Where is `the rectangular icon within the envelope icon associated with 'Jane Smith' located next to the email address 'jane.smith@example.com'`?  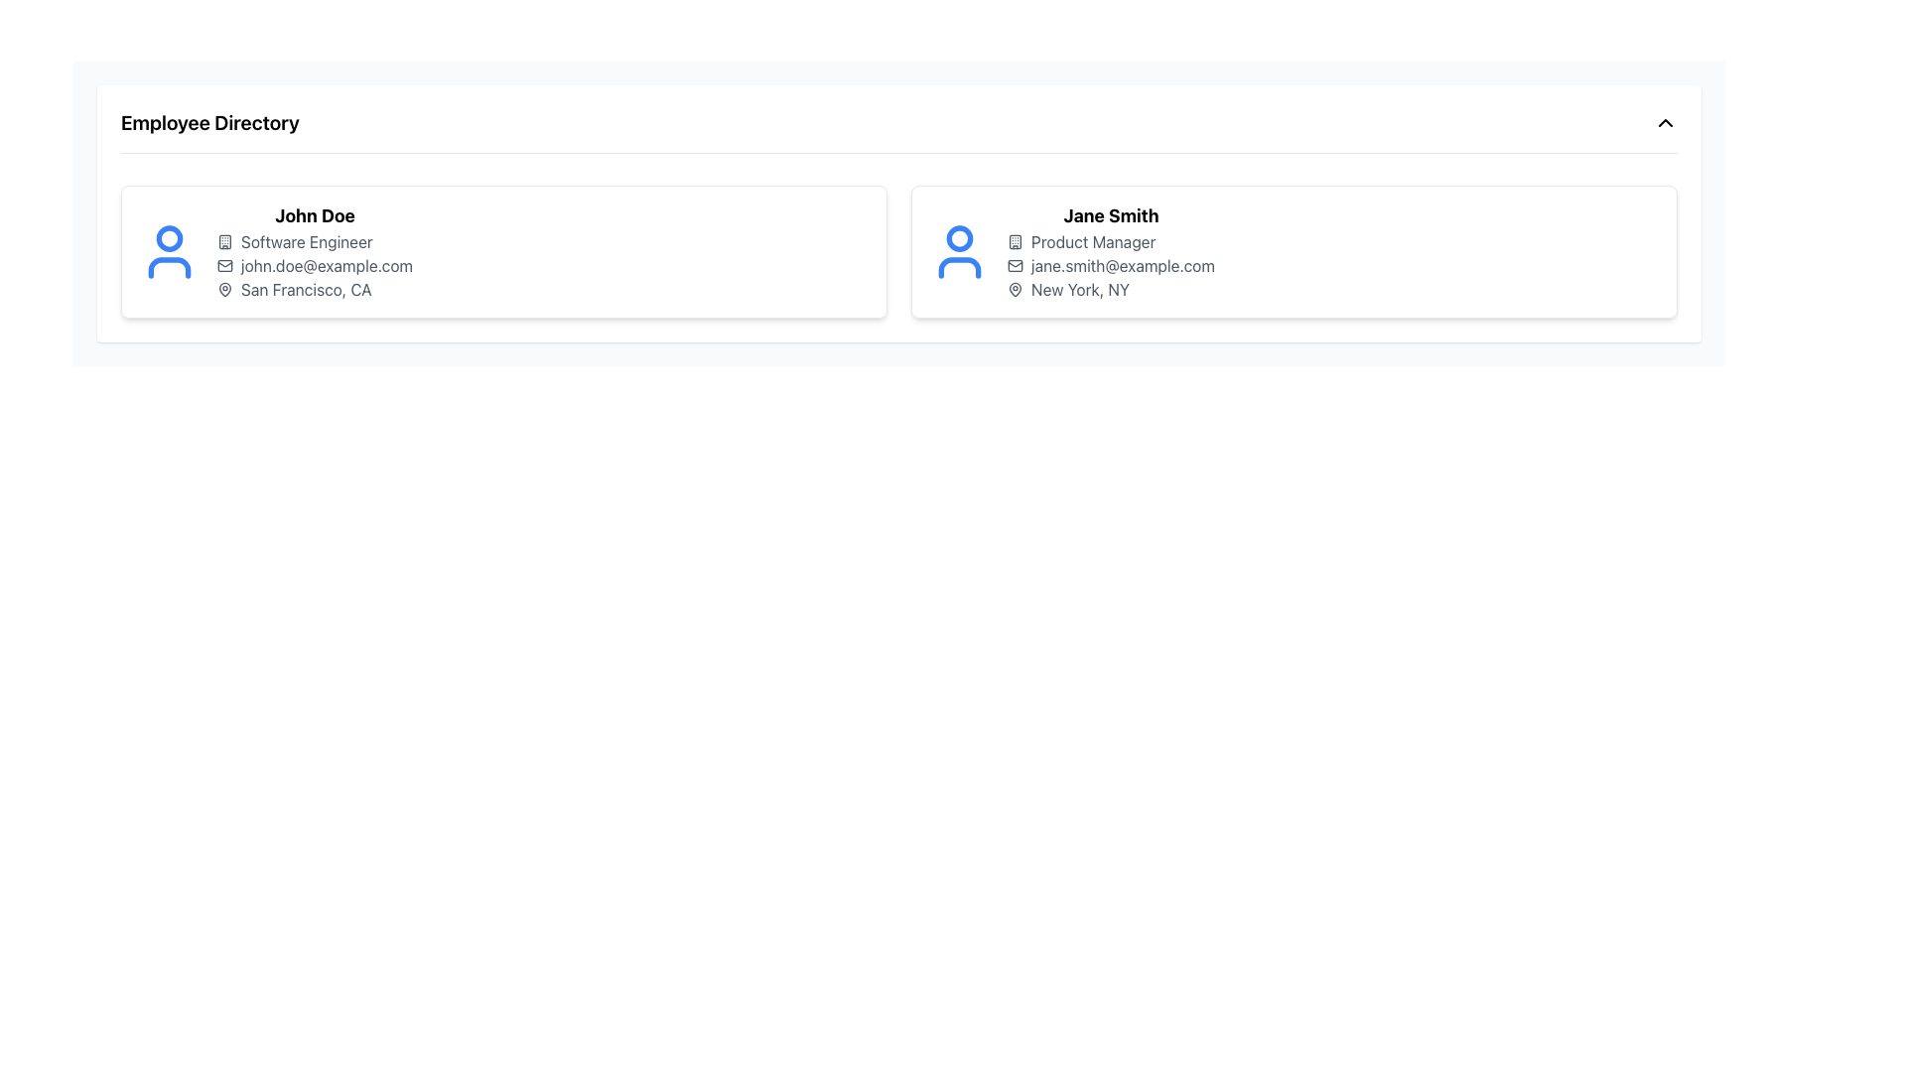 the rectangular icon within the envelope icon associated with 'Jane Smith' located next to the email address 'jane.smith@example.com' is located at coordinates (1015, 264).